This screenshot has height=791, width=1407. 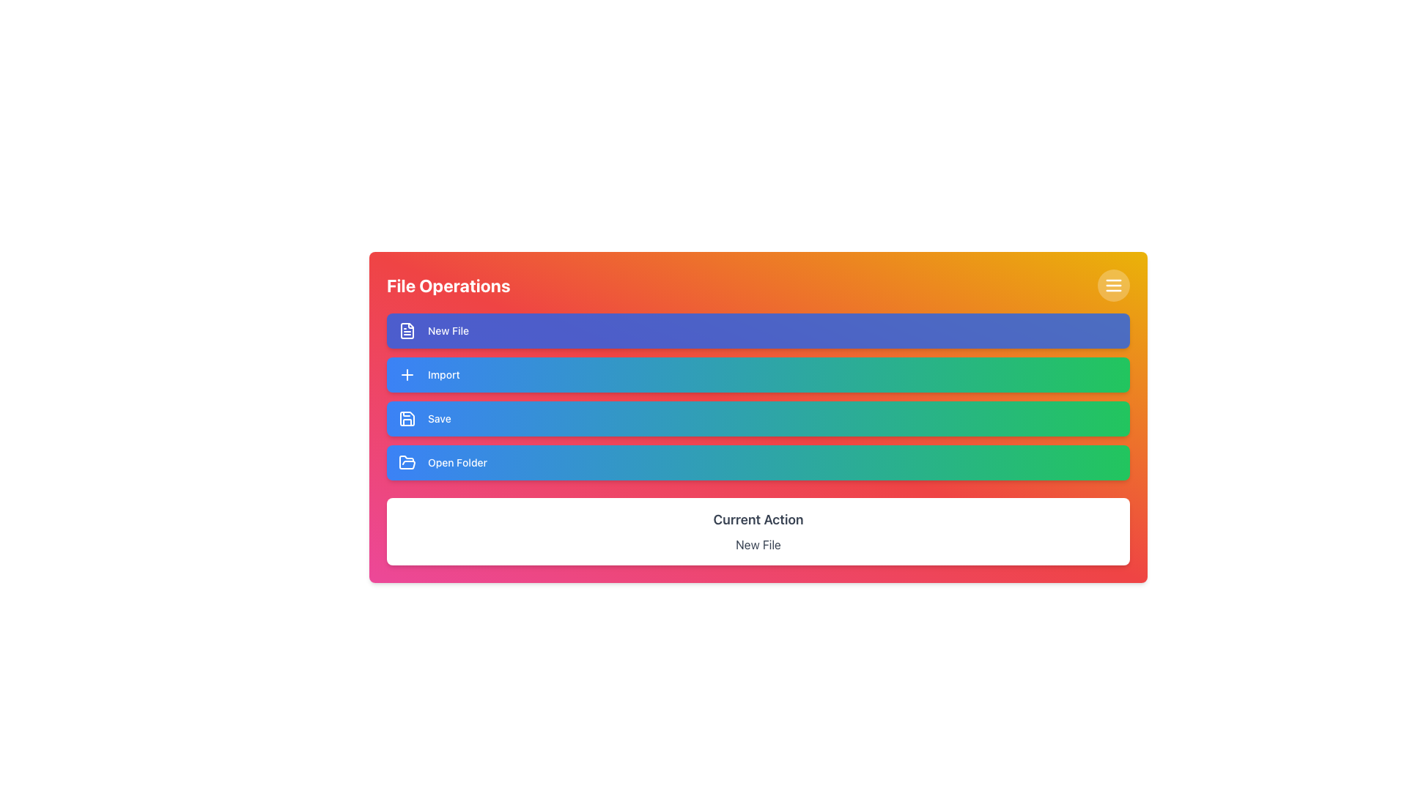 I want to click on the document file icon located in the 'File Operations' section, which is the first option in the vertical list and is accompanied by the 'New File' label, so click(x=407, y=330).